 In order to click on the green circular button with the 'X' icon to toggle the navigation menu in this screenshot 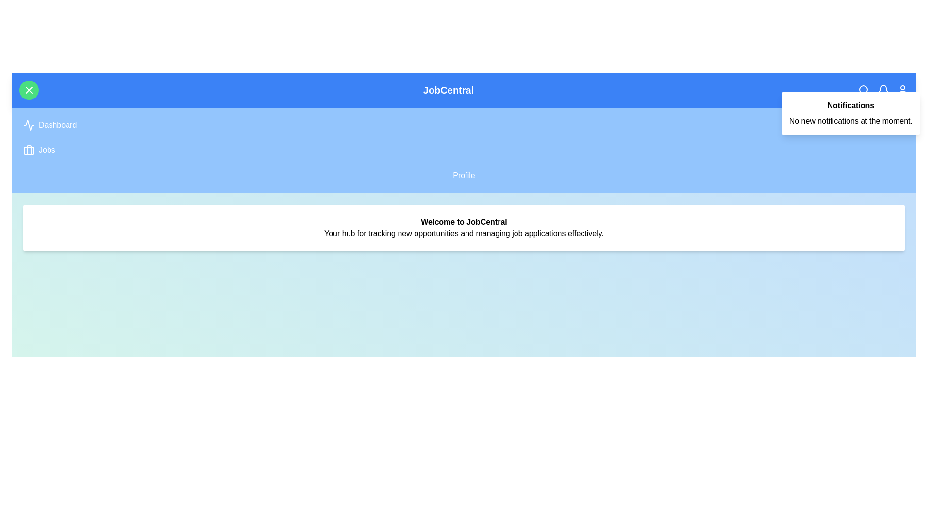, I will do `click(29, 90)`.